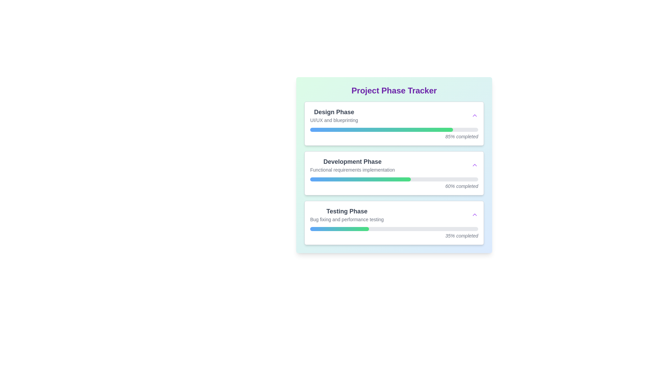 This screenshot has height=367, width=653. Describe the element at coordinates (394, 233) in the screenshot. I see `style or layout of the Progress bar displaying '35% completed' located in the 'Testing Phase' section of the 'Project Phase Tracker.'` at that location.